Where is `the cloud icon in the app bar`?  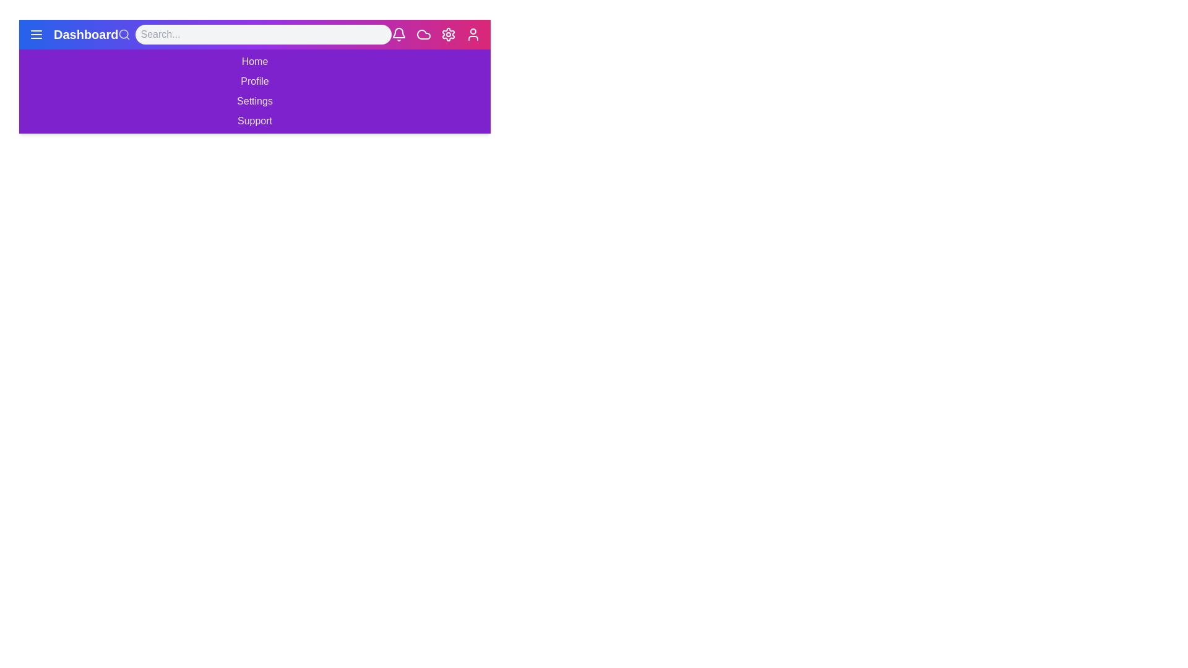
the cloud icon in the app bar is located at coordinates (424, 34).